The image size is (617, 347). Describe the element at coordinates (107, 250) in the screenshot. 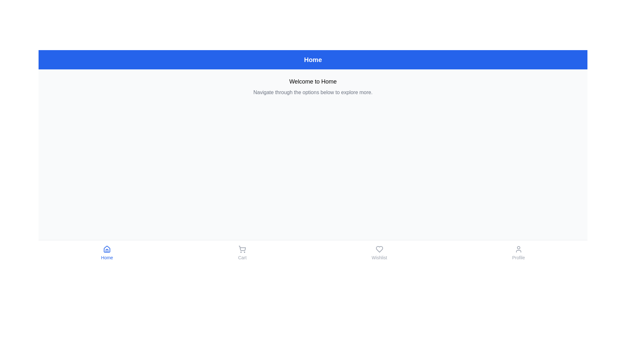

I see `the door element of the house icon located at the bottom-center of the interface, which is part of the bottom navigation bar` at that location.